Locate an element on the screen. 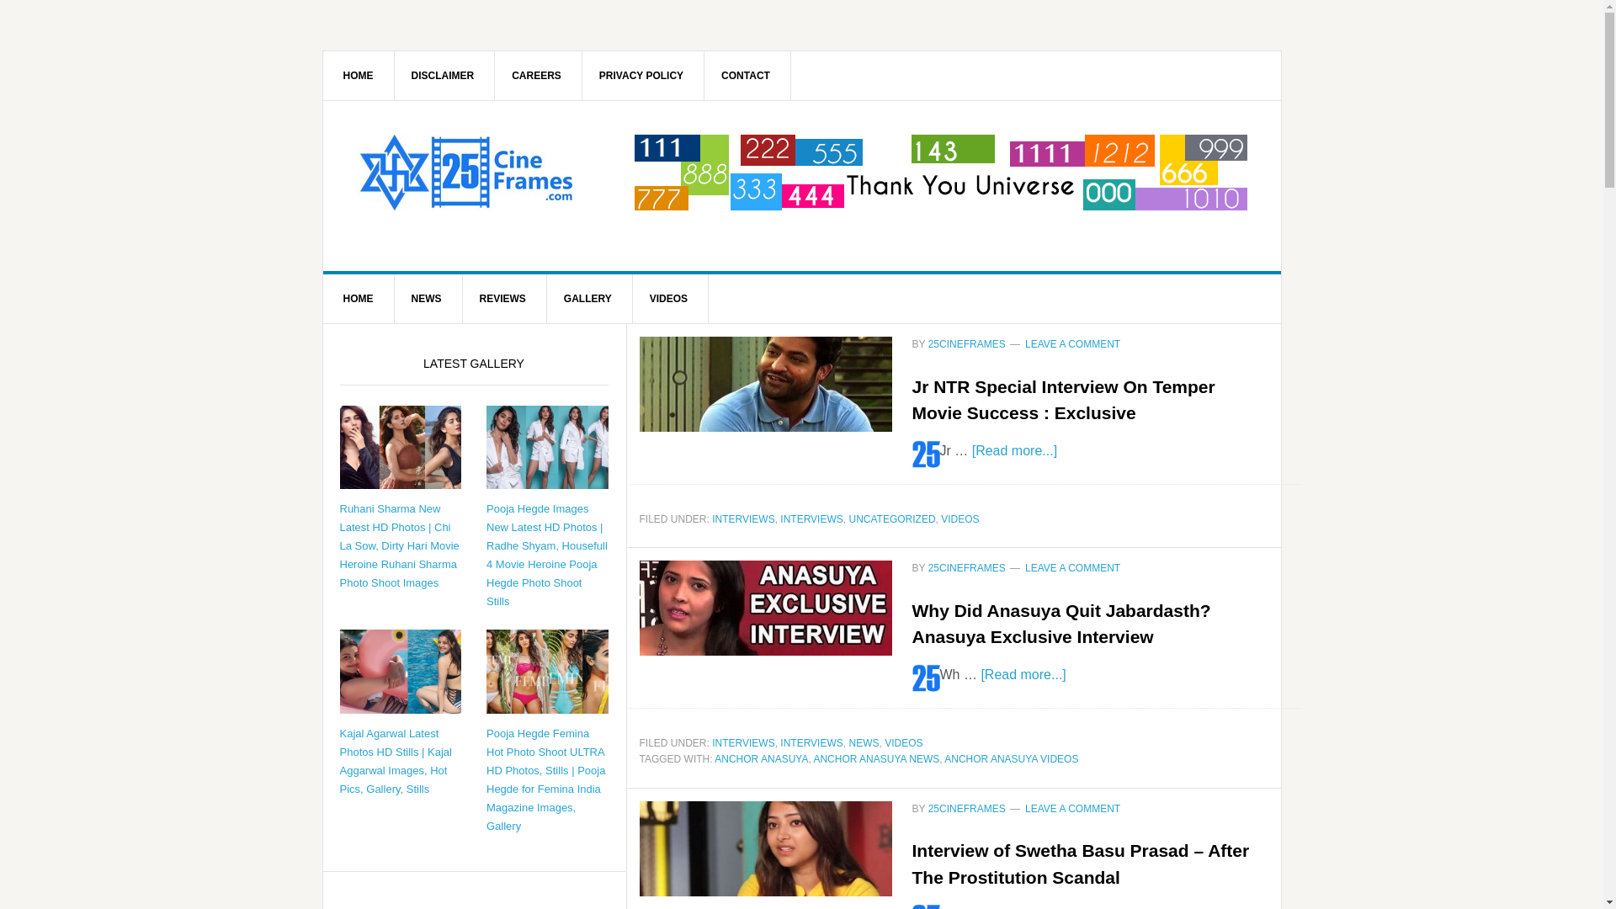  'VIDEOS' is located at coordinates (884, 742).